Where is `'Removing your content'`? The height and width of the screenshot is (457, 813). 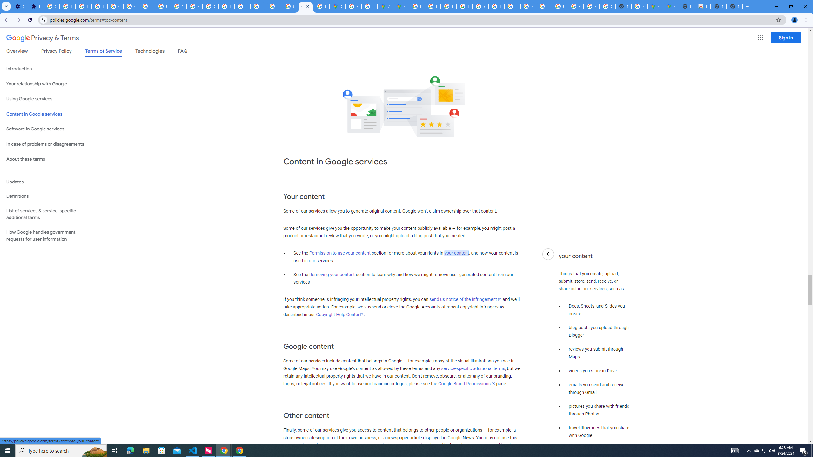
'Removing your content' is located at coordinates (331, 275).